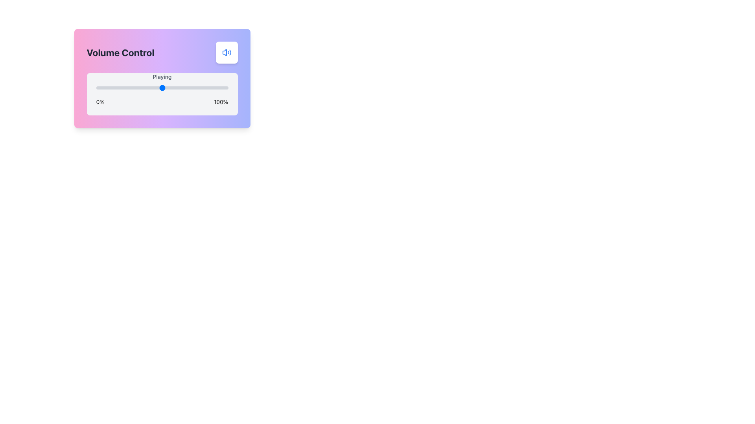 The height and width of the screenshot is (424, 755). I want to click on the playback position, so click(181, 88).